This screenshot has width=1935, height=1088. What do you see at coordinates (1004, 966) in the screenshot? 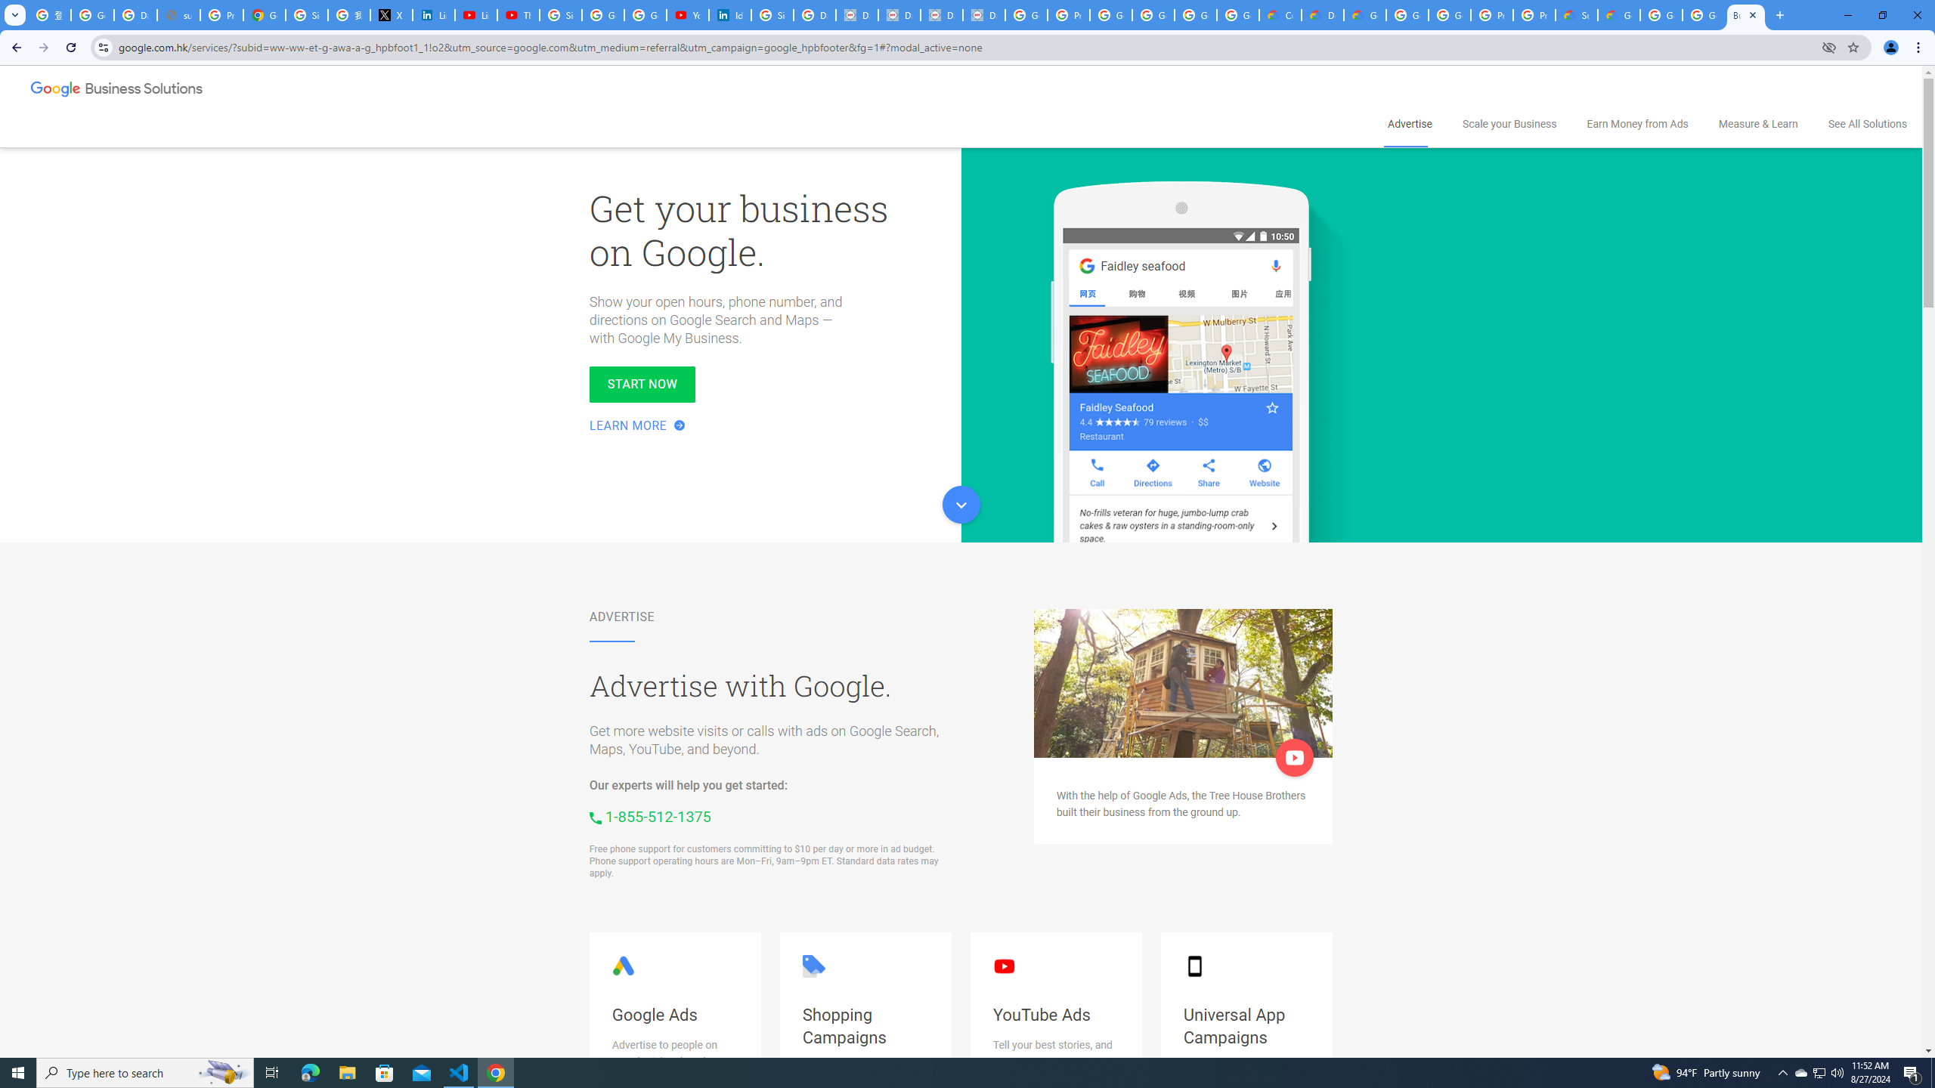
I see `'YouTube logo'` at bounding box center [1004, 966].